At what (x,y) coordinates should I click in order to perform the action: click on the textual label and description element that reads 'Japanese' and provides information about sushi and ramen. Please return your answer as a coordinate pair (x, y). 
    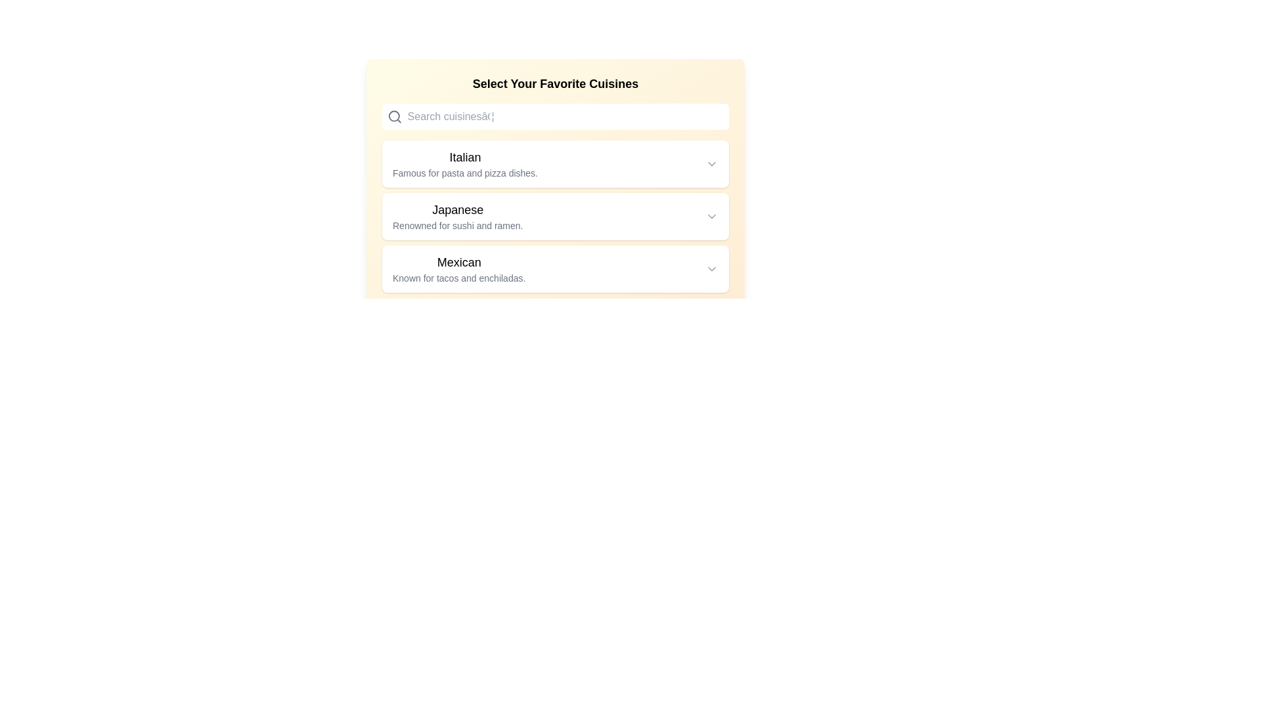
    Looking at the image, I should click on (458, 216).